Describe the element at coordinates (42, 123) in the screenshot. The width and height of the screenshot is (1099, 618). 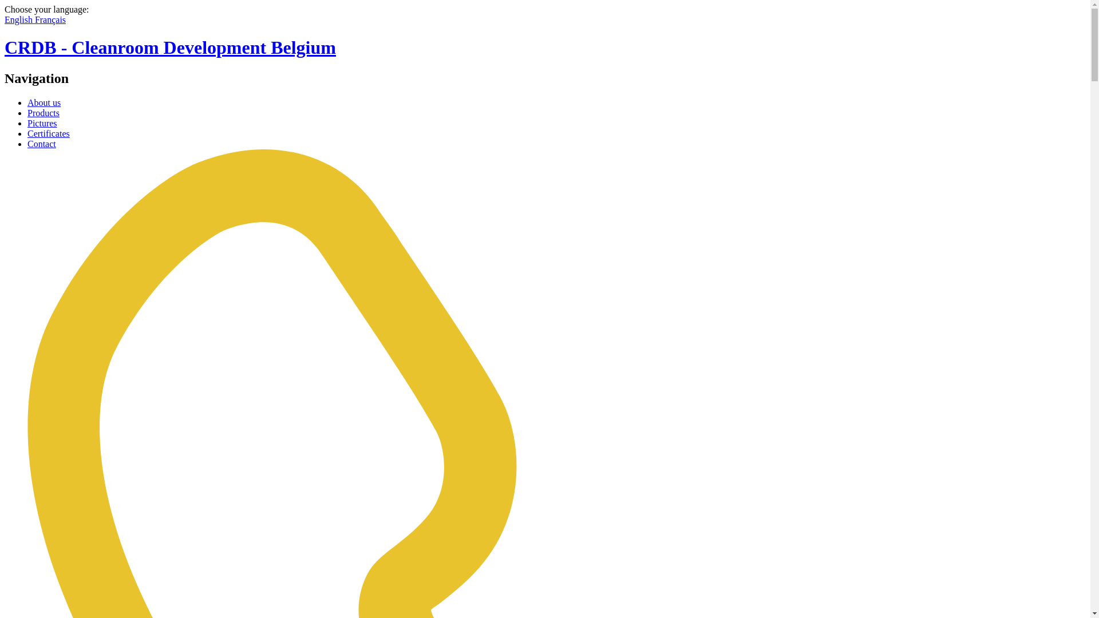
I see `'Pictures'` at that location.